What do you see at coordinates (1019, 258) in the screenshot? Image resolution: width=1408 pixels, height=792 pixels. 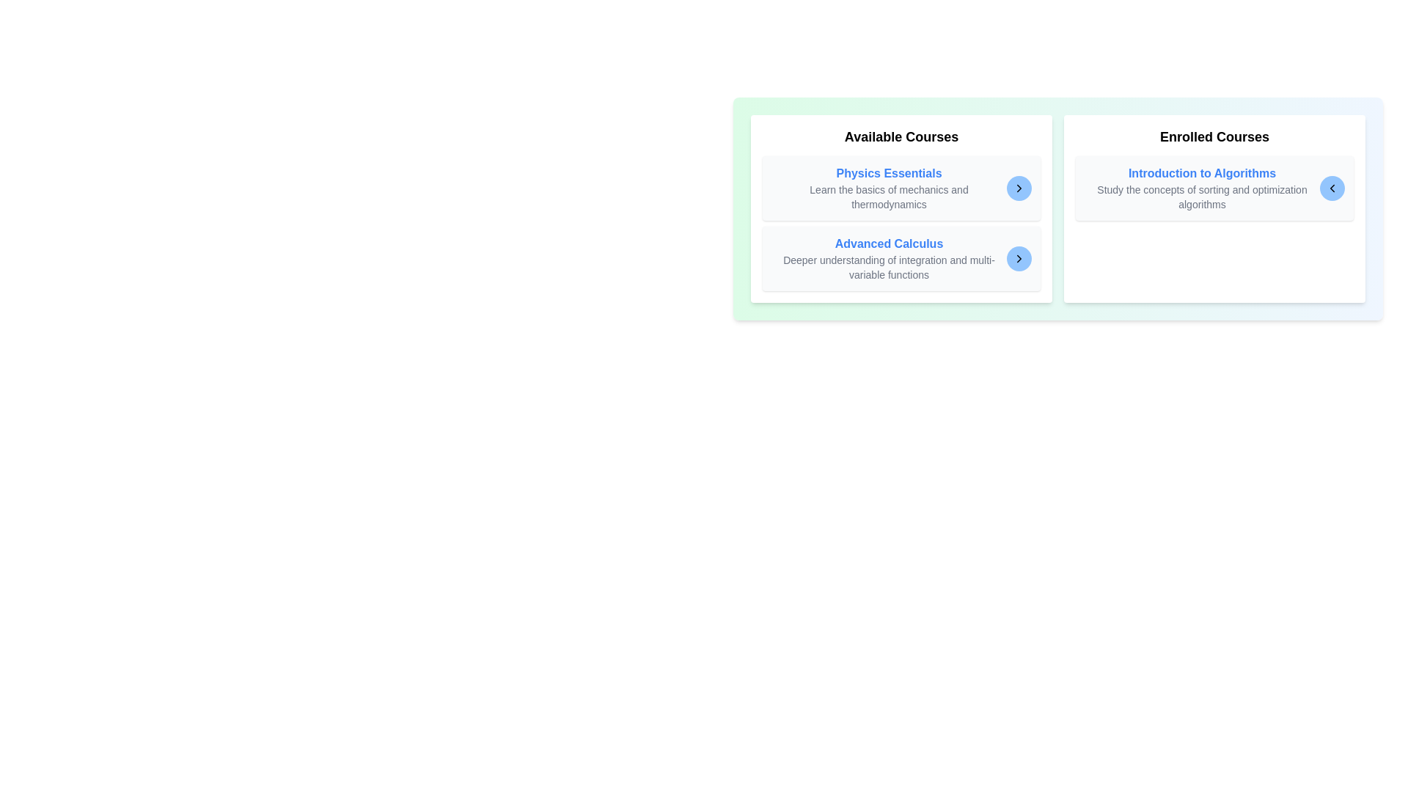 I see `arrow button corresponding to the course Advanced Calculus to transfer it to the other list` at bounding box center [1019, 258].